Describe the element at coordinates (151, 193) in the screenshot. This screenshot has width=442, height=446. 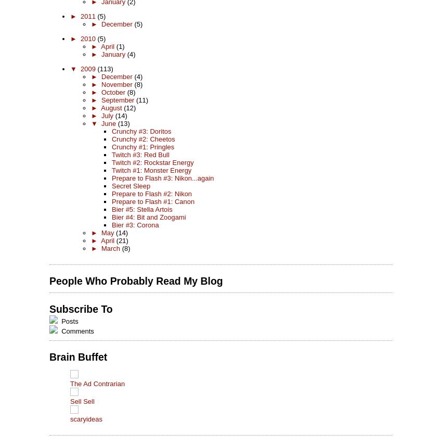
I see `'Prepare to Flash #2: Nikon'` at that location.